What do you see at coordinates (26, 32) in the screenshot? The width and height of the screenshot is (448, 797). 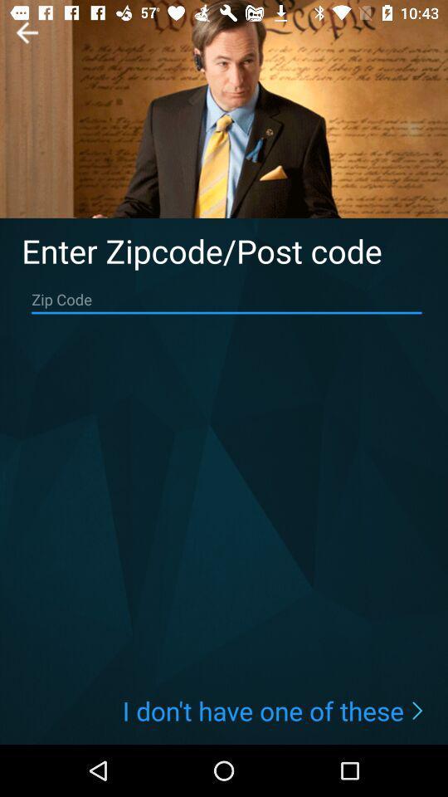 I see `the arrow_backward icon` at bounding box center [26, 32].